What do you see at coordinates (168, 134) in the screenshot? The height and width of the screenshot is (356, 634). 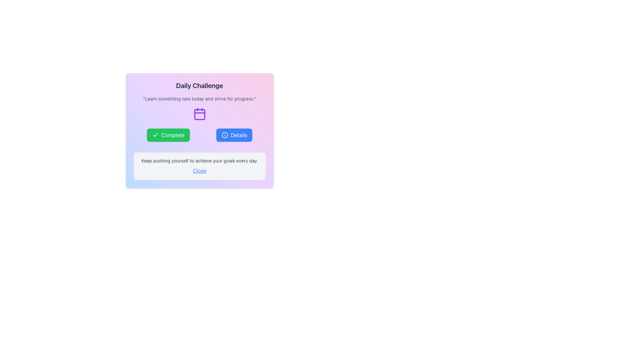 I see `the green 'Complete' button with a checkmark icon to mark the task as completed` at bounding box center [168, 134].